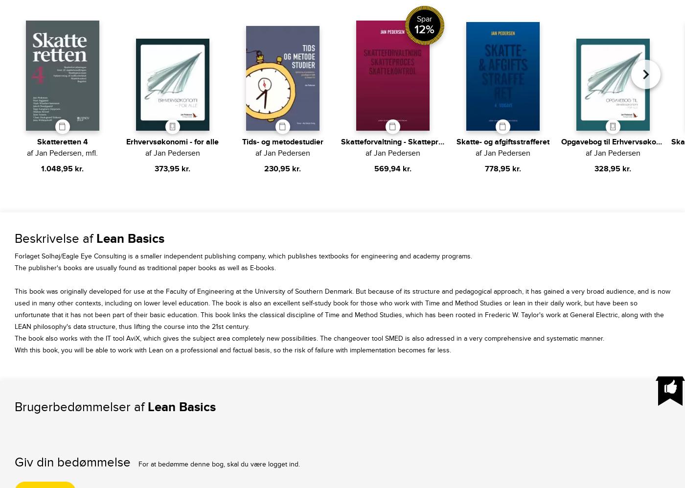 The height and width of the screenshot is (488, 685). Describe the element at coordinates (14, 256) in the screenshot. I see `'Forlaget Solhøj/Eagle Eye Consulting is a smaller independent publishing company, which publishes textbooks for engineering and academy programs.'` at that location.